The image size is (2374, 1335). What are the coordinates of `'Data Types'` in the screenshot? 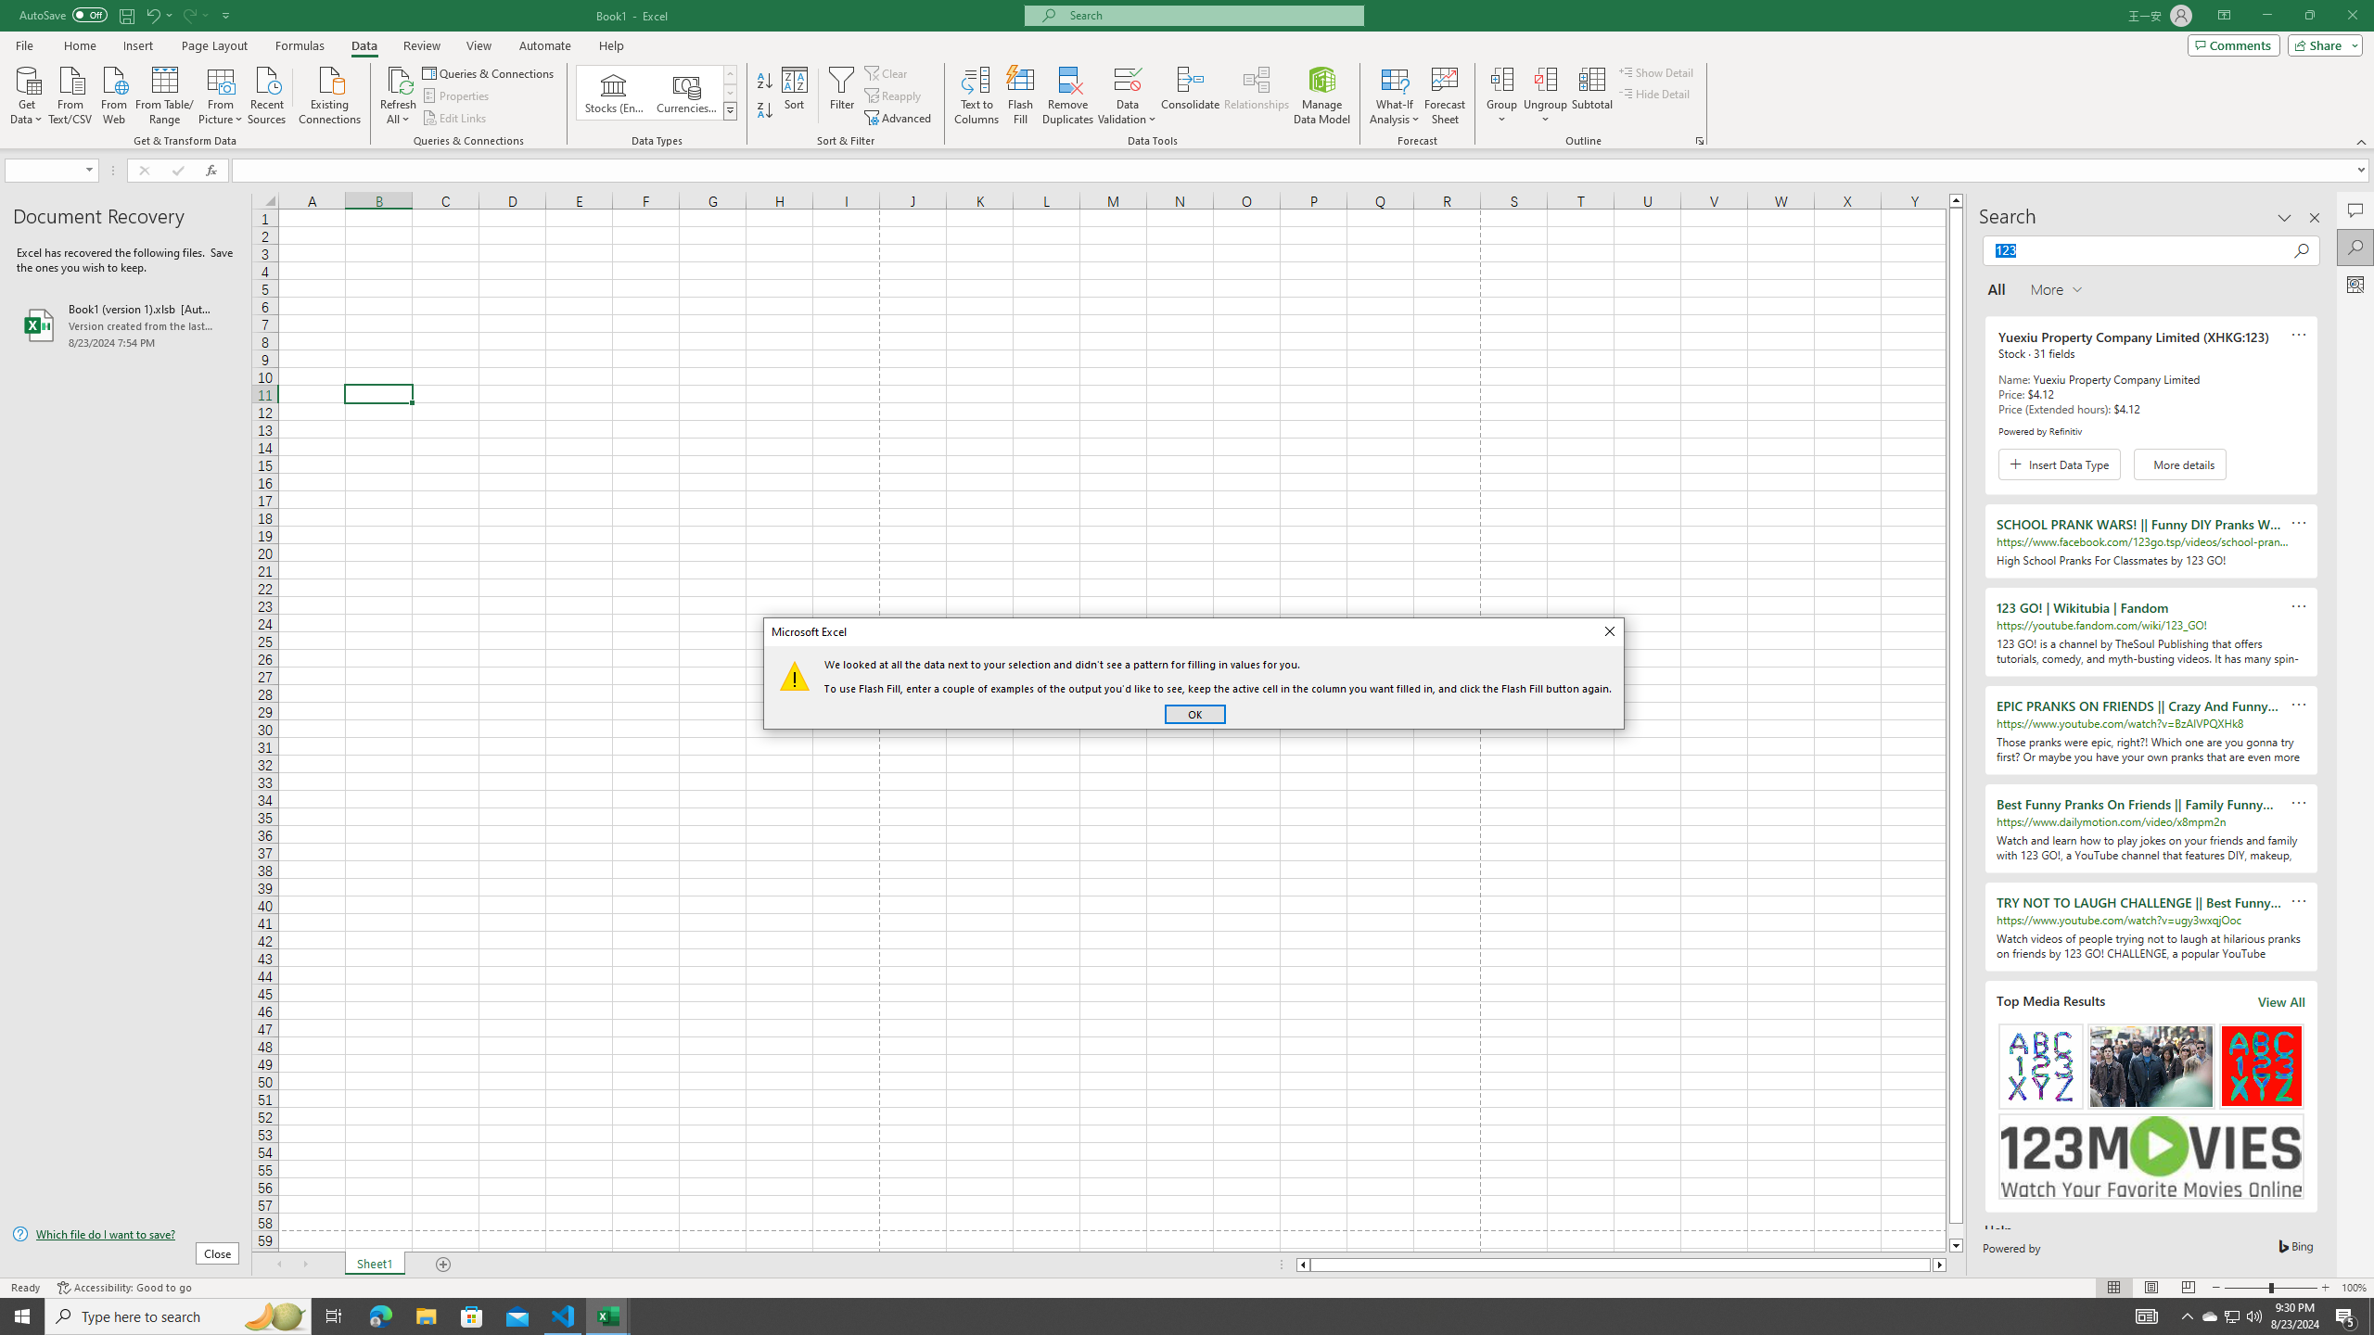 It's located at (730, 109).